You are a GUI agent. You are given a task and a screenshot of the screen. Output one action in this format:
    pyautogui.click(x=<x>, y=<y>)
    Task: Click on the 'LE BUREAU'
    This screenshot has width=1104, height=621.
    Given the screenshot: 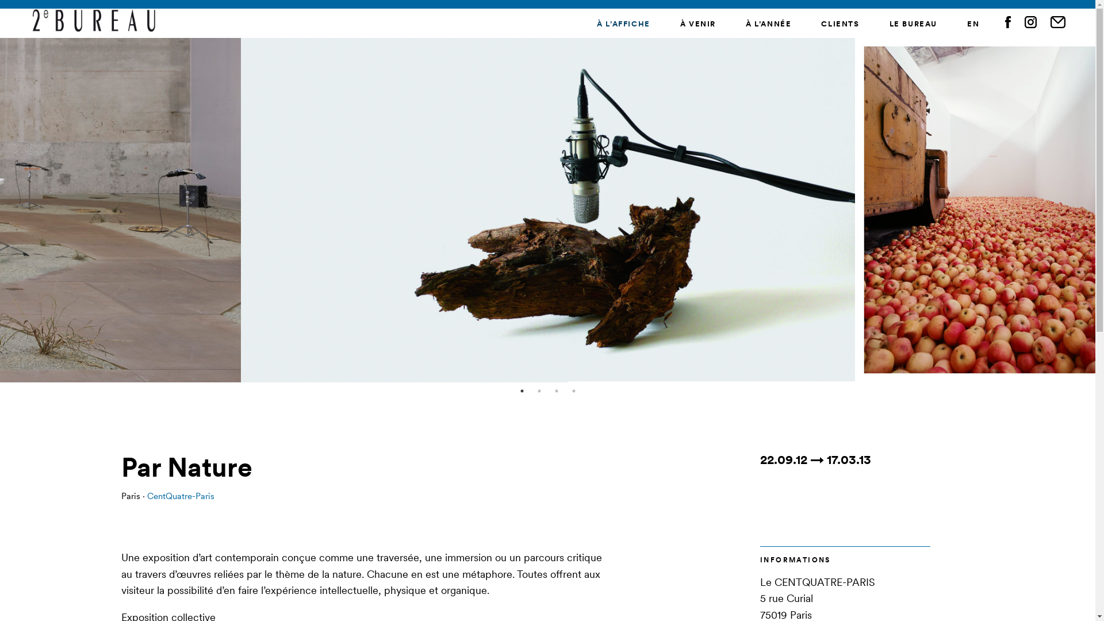 What is the action you would take?
    pyautogui.click(x=913, y=24)
    